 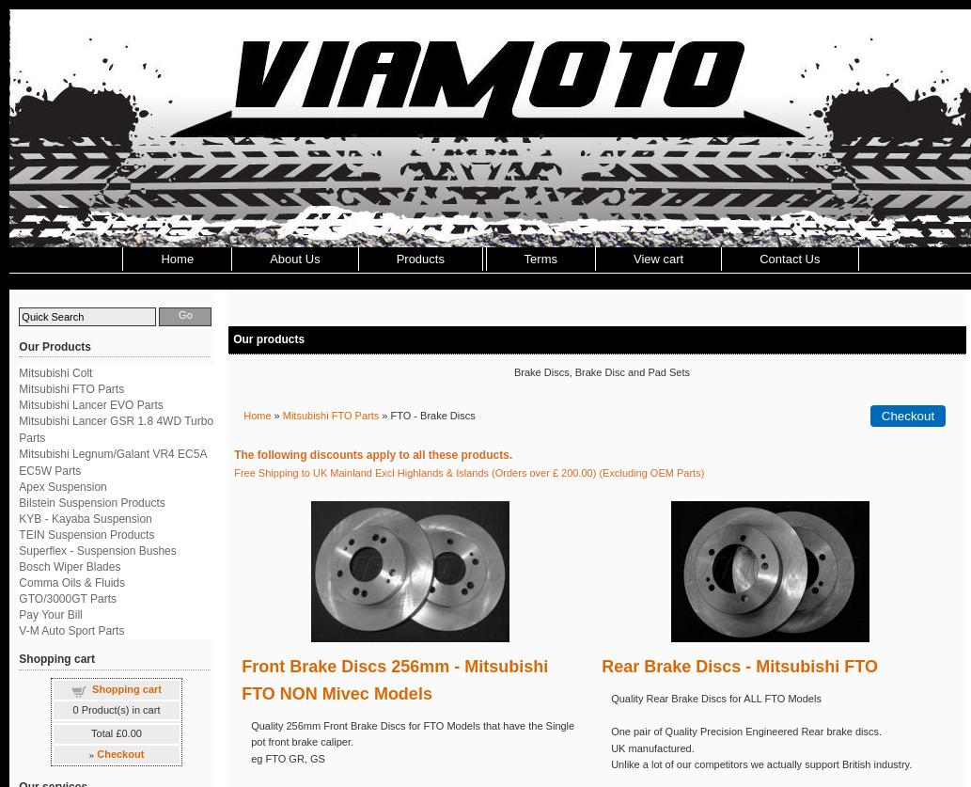 What do you see at coordinates (651, 746) in the screenshot?
I see `'UK manufactured.'` at bounding box center [651, 746].